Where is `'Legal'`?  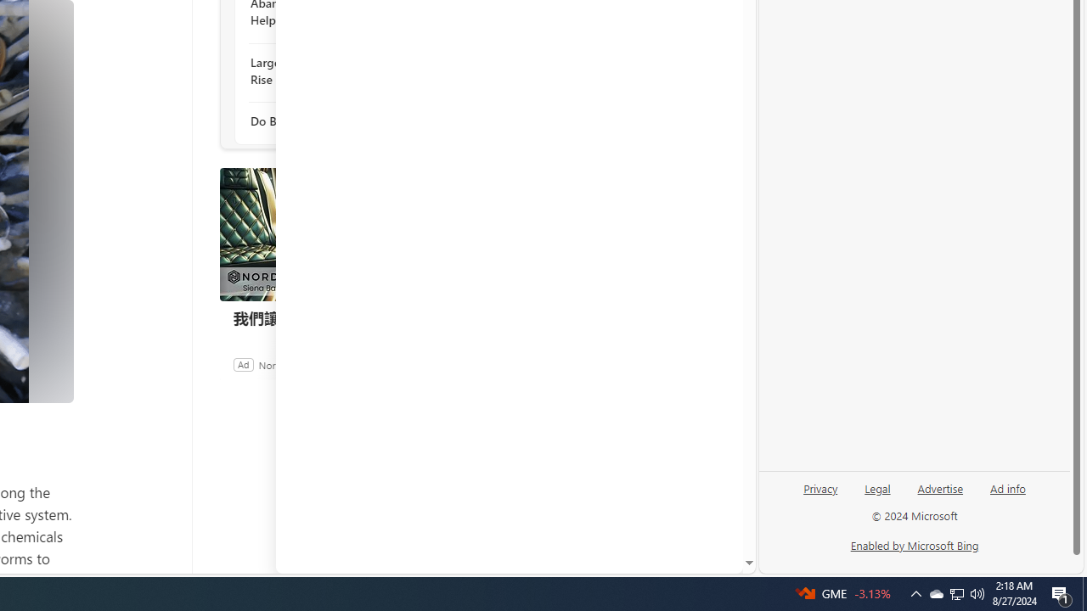 'Legal' is located at coordinates (877, 495).